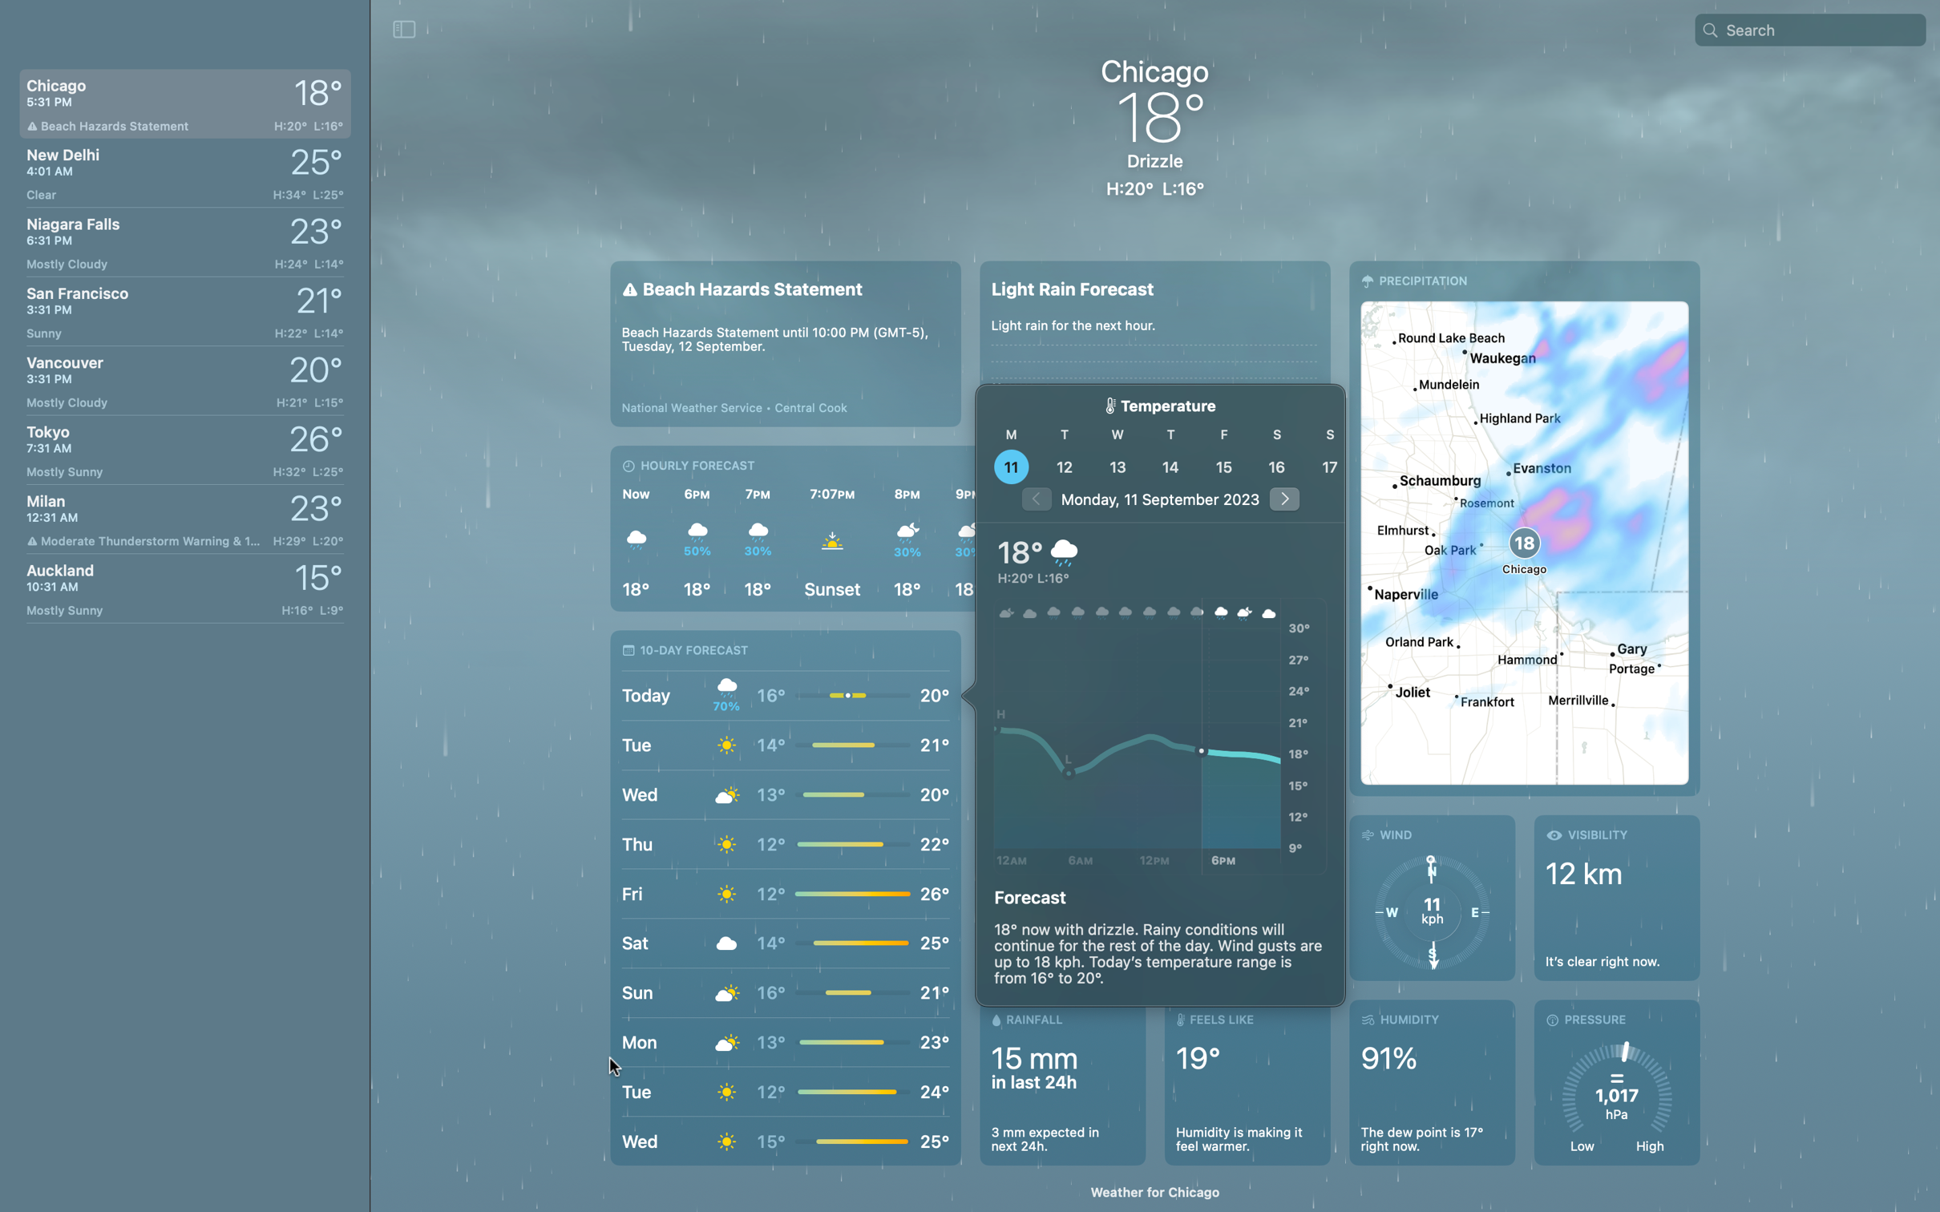 This screenshot has width=1940, height=1212. What do you see at coordinates (1078, 738) in the screenshot?
I see `From the panel opened, find the weather at 6am` at bounding box center [1078, 738].